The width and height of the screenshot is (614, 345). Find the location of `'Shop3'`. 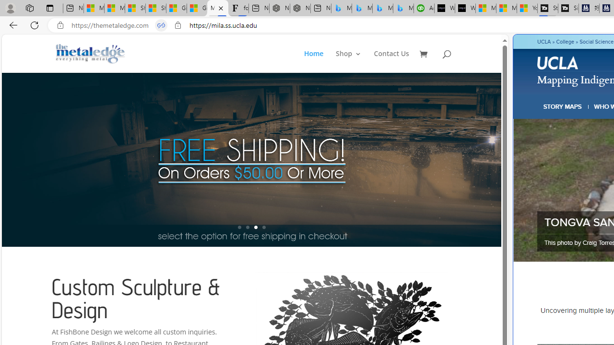

'Shop3' is located at coordinates (353, 61).